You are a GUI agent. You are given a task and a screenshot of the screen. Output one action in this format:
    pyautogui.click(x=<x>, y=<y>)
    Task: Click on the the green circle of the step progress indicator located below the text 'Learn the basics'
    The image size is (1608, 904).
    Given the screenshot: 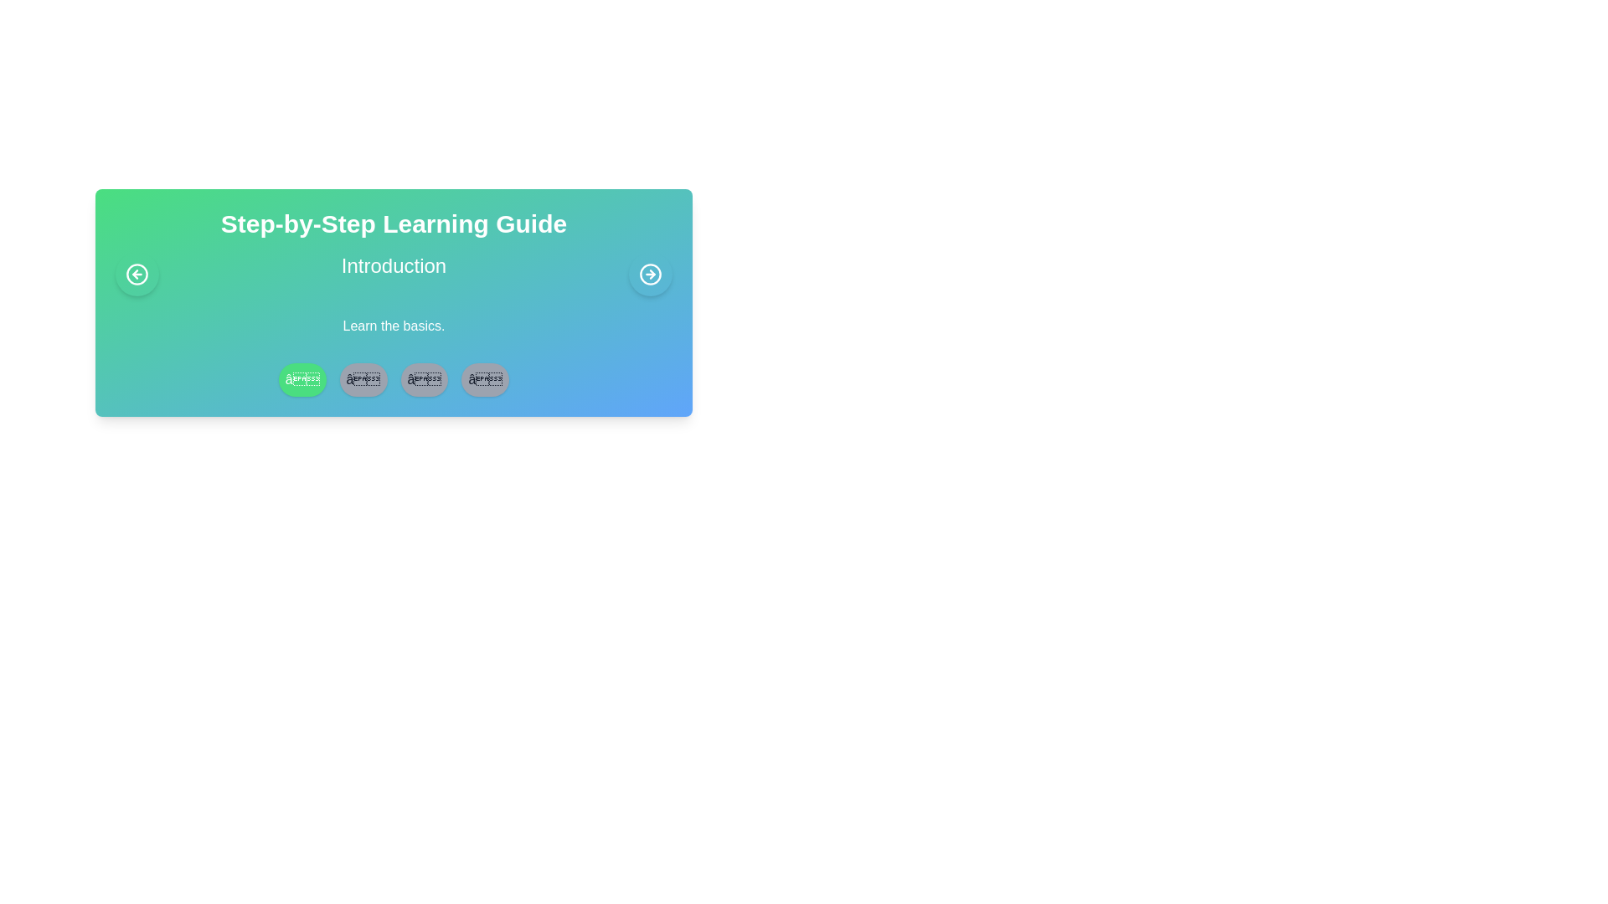 What is the action you would take?
    pyautogui.click(x=393, y=380)
    